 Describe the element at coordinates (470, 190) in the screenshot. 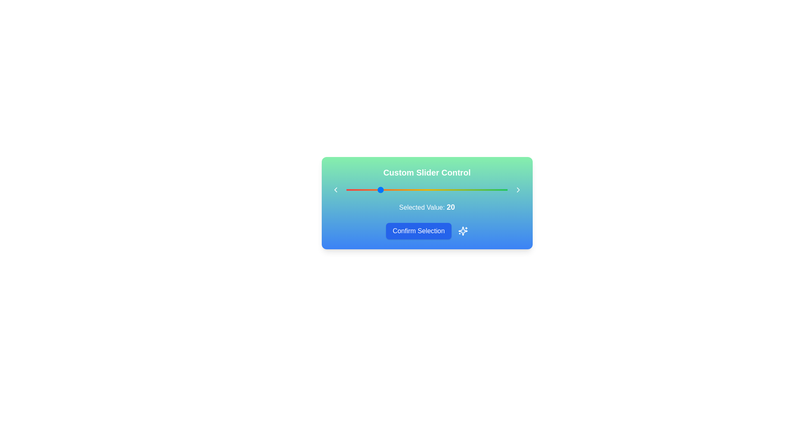

I see `the slider to 77 by dragging the handle` at that location.